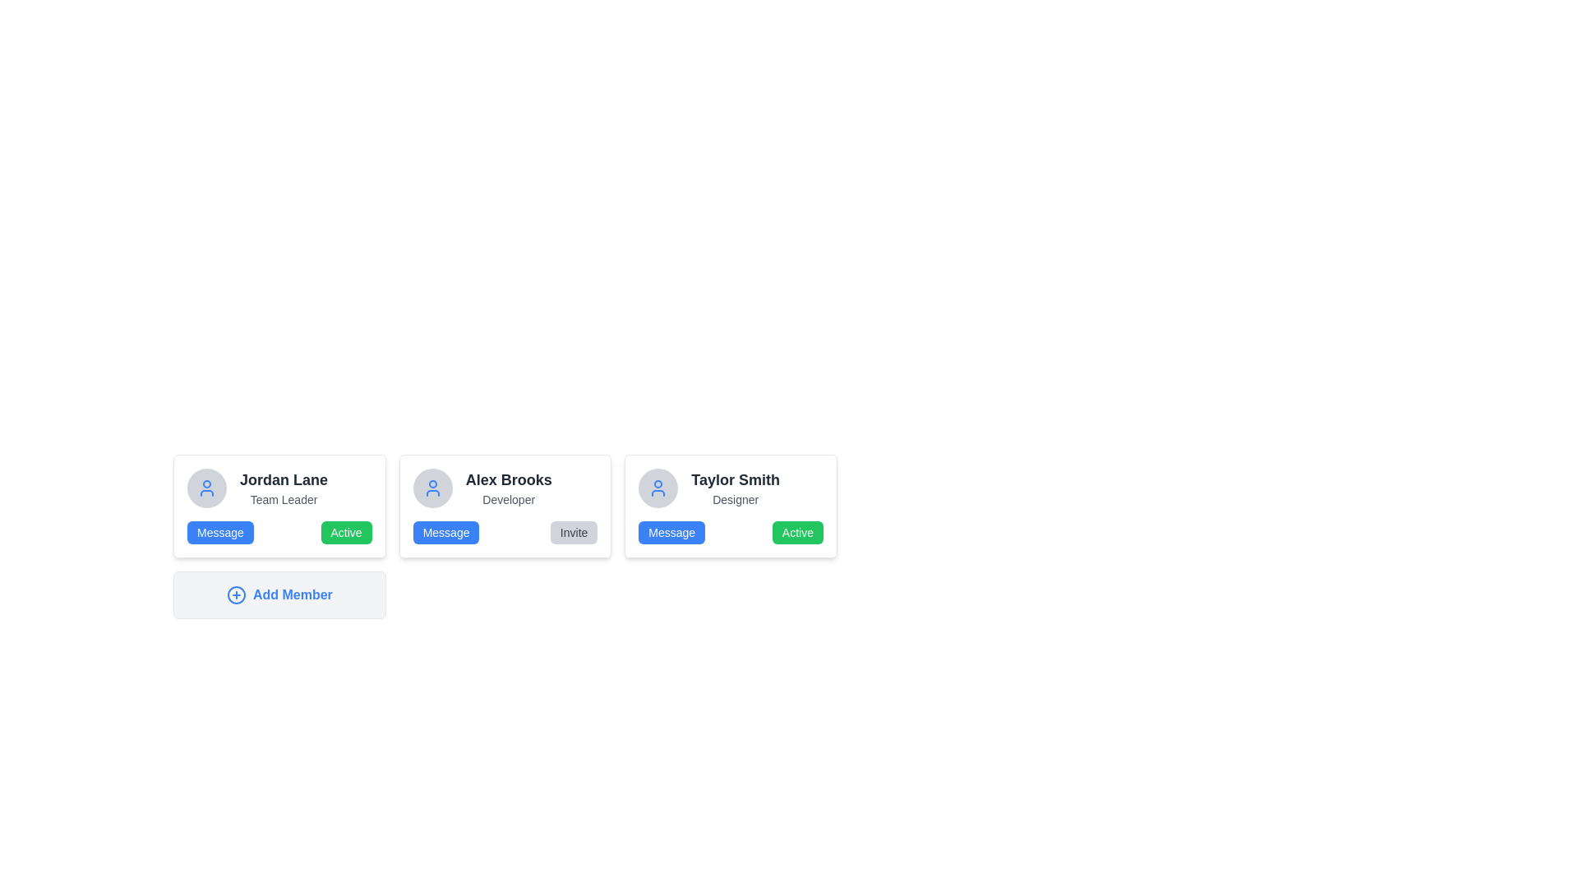 The width and height of the screenshot is (1578, 888). What do you see at coordinates (293, 595) in the screenshot?
I see `text label that describes the action related to adding a member, located within a rounded rectangular box beneath the user card elements` at bounding box center [293, 595].